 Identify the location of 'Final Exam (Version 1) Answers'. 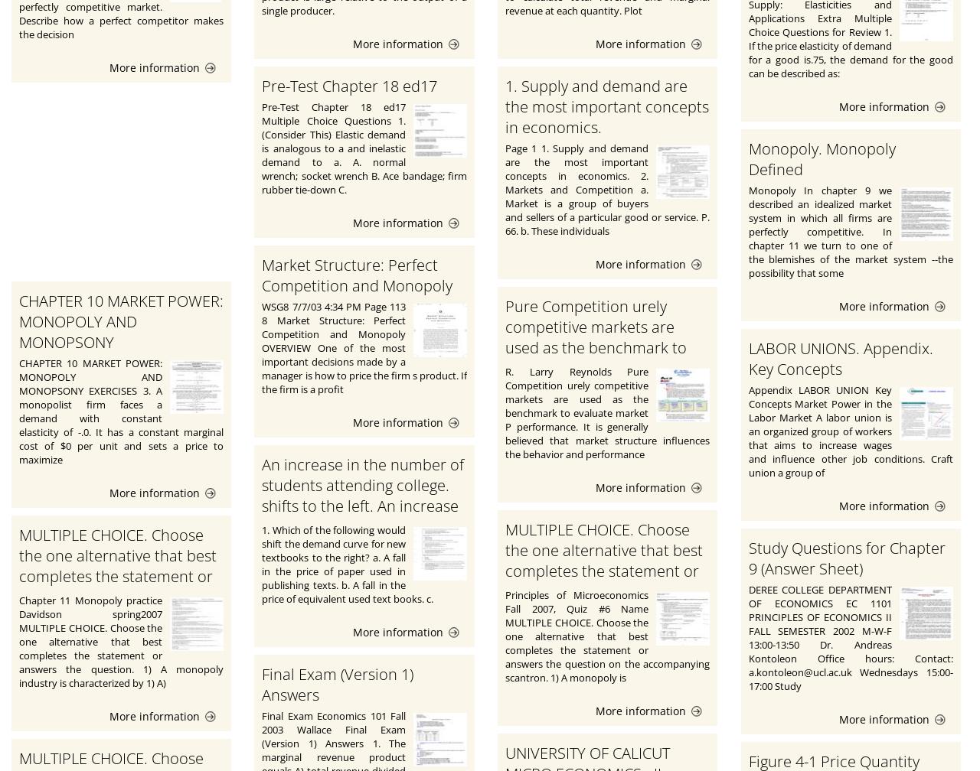
(262, 685).